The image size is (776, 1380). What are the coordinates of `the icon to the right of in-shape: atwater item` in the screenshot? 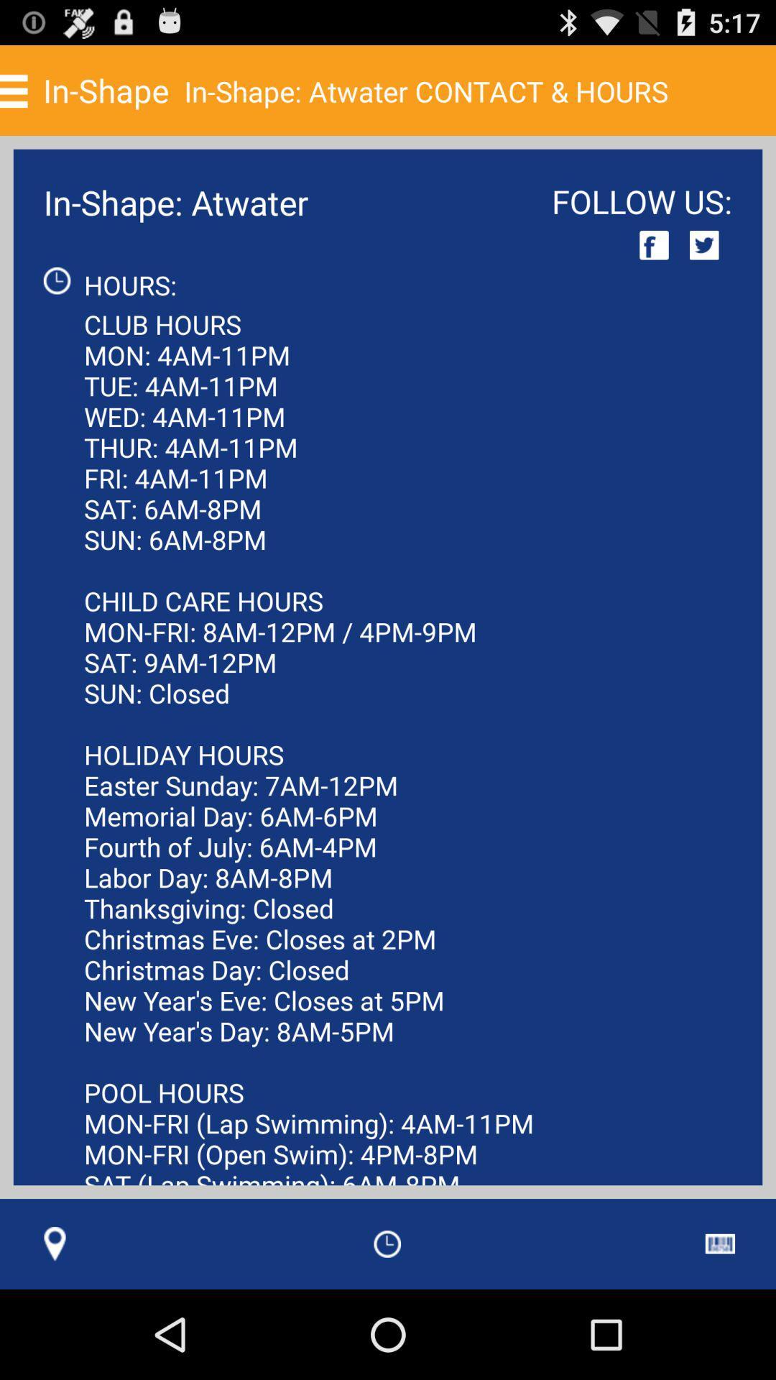 It's located at (654, 245).